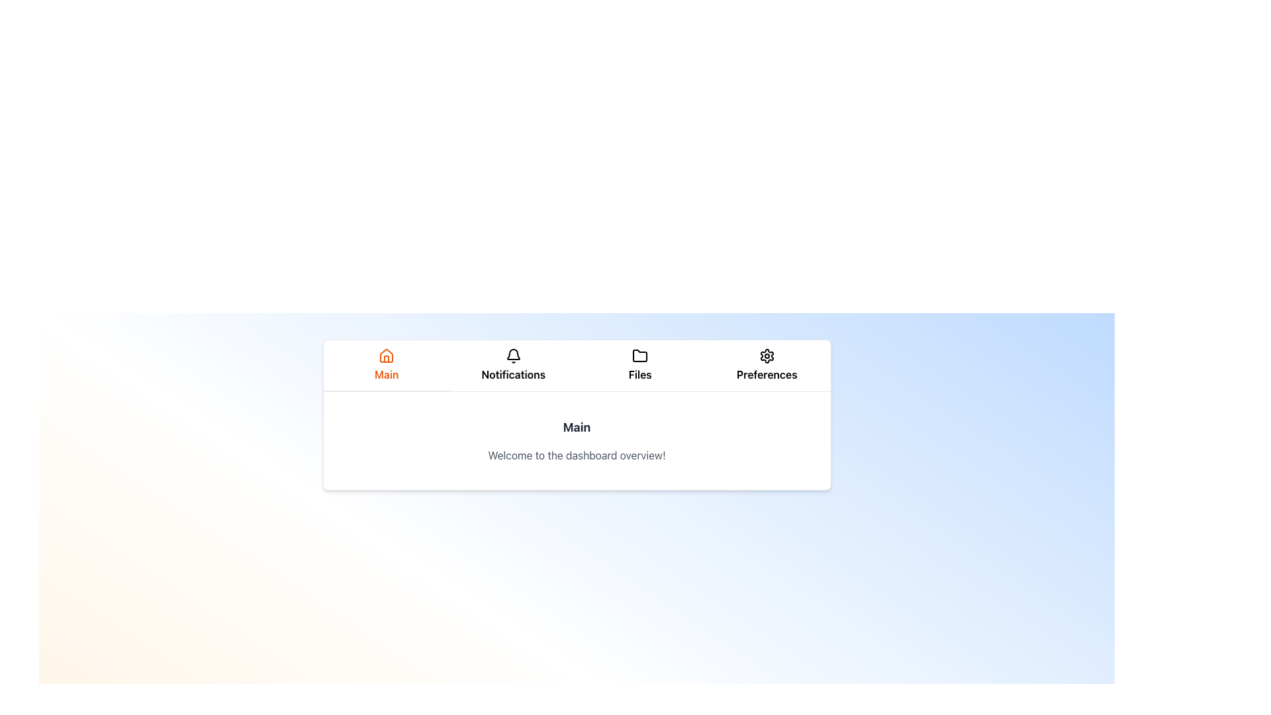  What do you see at coordinates (767, 355) in the screenshot?
I see `the central gear component of the settings icon located at the top navigation menu under the 'Preferences' label` at bounding box center [767, 355].